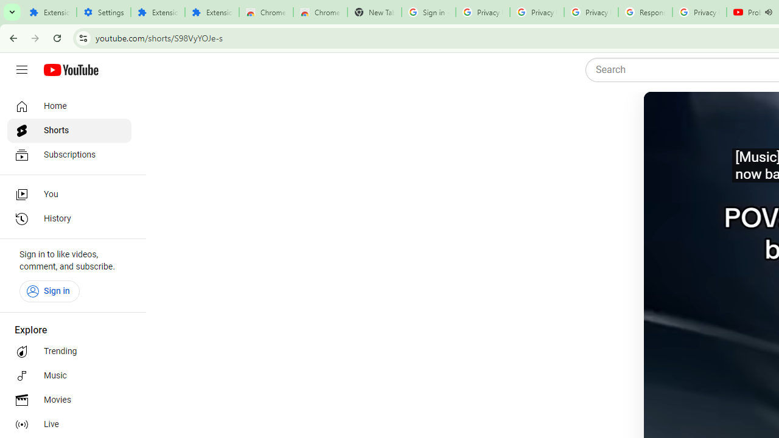 This screenshot has width=779, height=438. Describe the element at coordinates (265, 12) in the screenshot. I see `'Chrome Web Store'` at that location.